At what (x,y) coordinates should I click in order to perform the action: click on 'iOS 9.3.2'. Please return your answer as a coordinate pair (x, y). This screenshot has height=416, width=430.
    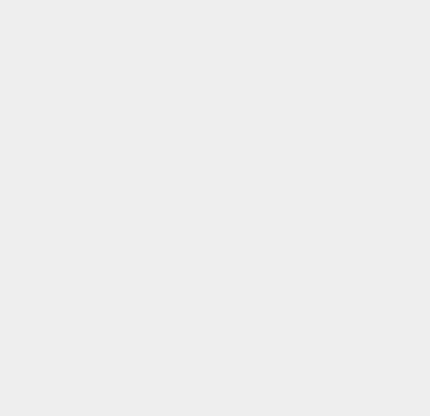
    Looking at the image, I should click on (315, 283).